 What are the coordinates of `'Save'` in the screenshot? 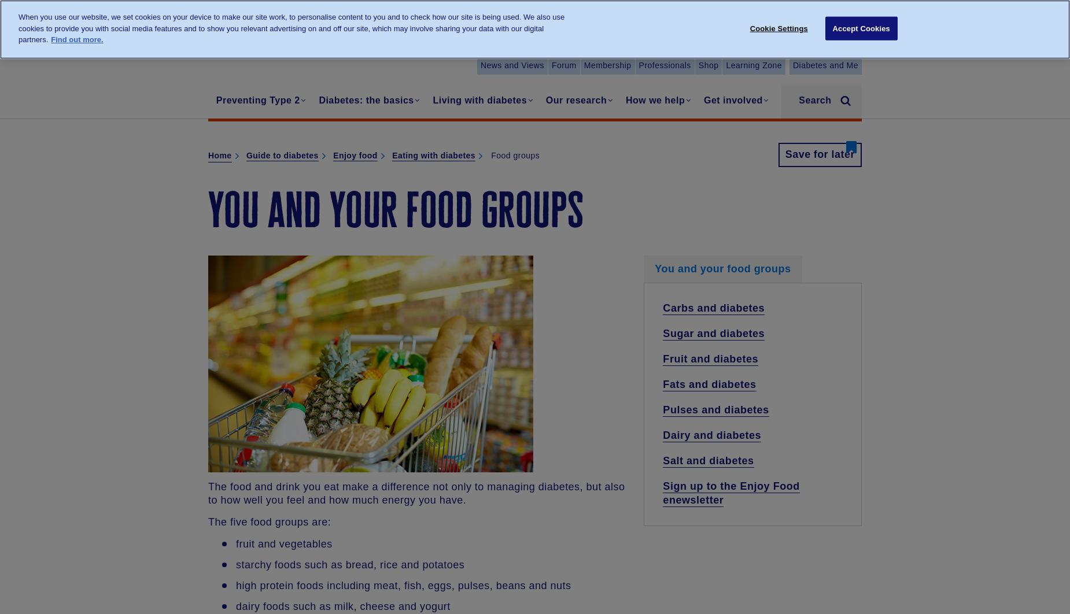 It's located at (784, 154).